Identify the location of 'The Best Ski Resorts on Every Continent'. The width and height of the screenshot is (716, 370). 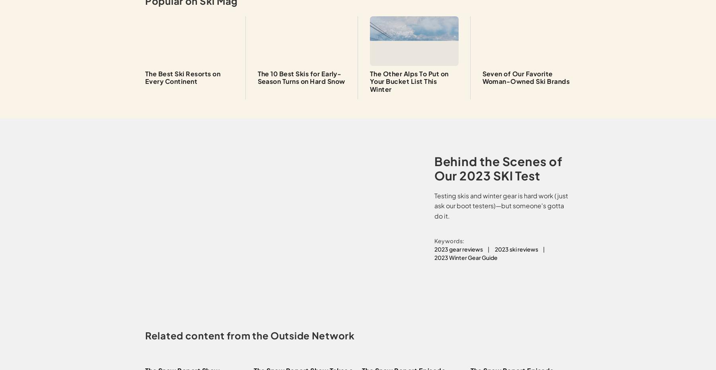
(182, 77).